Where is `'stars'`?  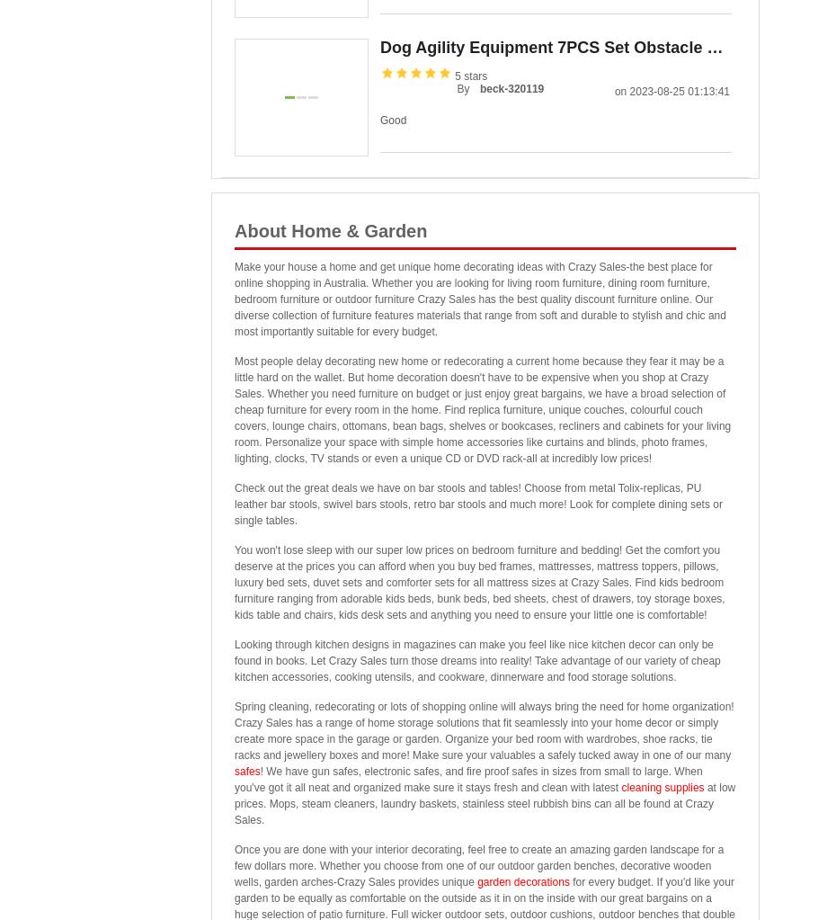
'stars' is located at coordinates (474, 76).